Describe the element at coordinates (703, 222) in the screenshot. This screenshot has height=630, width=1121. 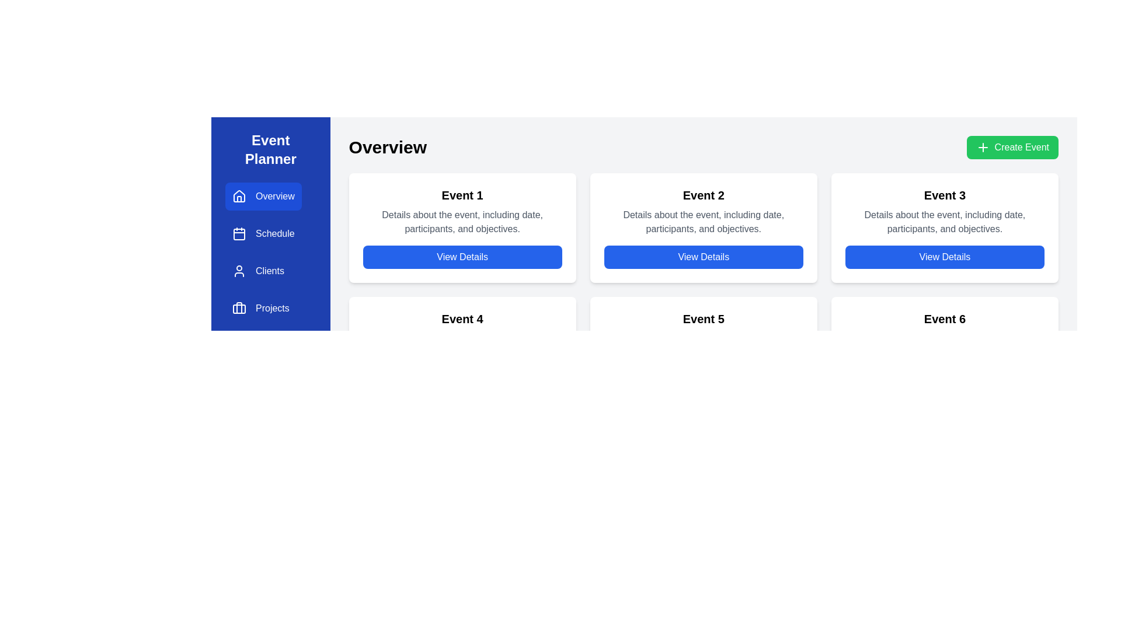
I see `the textual description element located under the heading 'Event 2', which reads: 'Details about the event, including date, participants, and objectives.'` at that location.